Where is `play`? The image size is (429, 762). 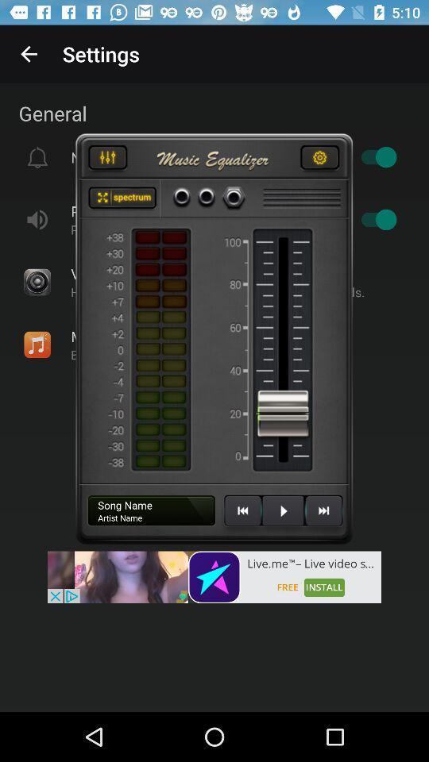
play is located at coordinates (282, 516).